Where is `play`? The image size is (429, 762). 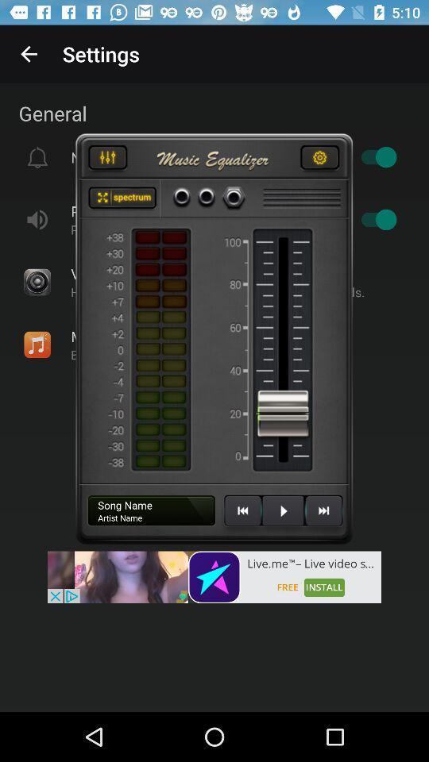
play is located at coordinates (282, 516).